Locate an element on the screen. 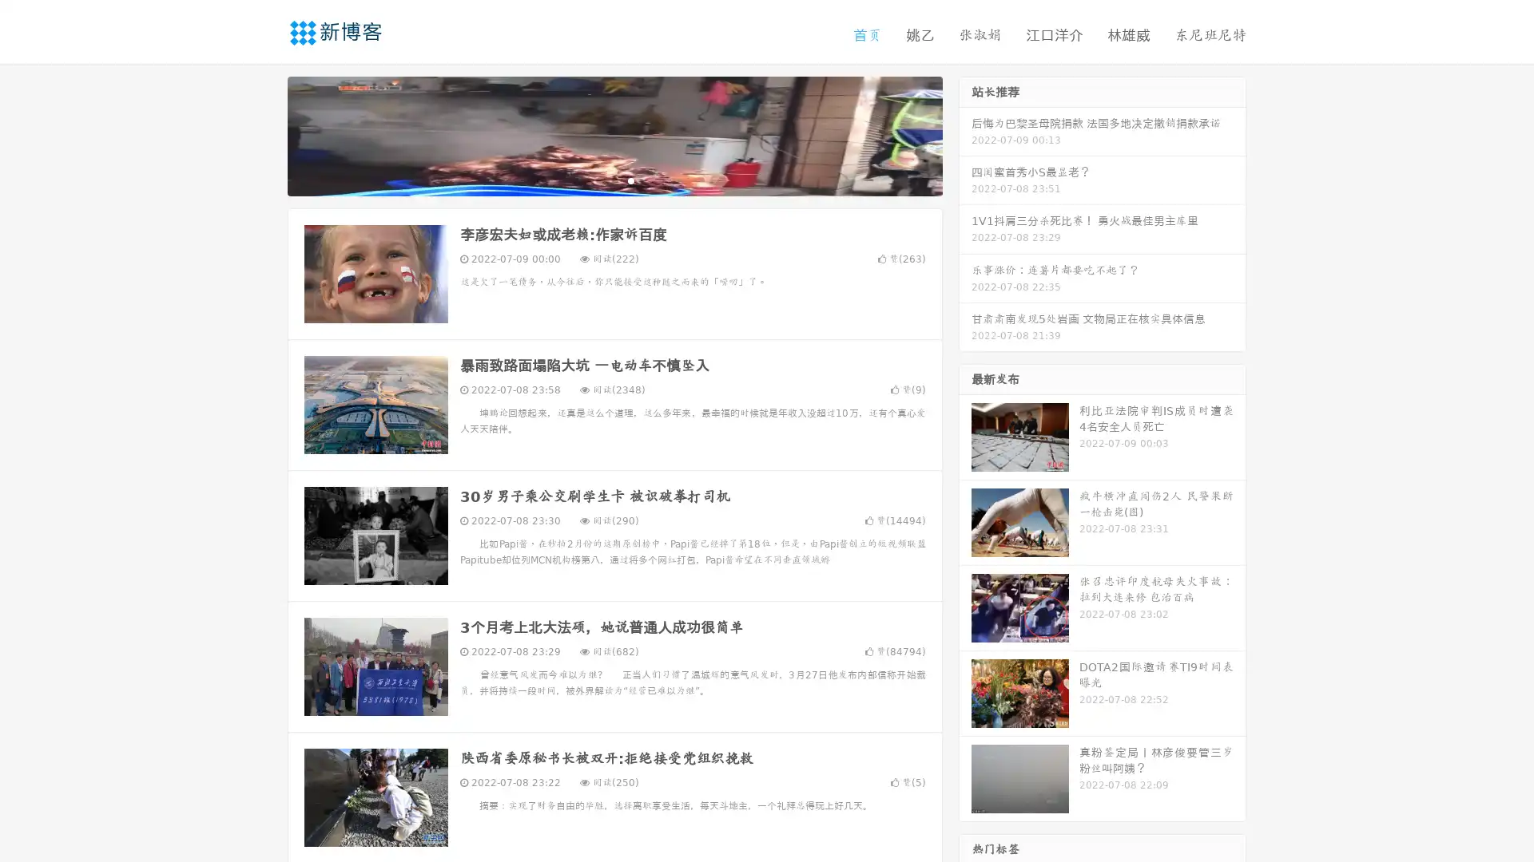 The image size is (1534, 862). Previous slide is located at coordinates (264, 134).